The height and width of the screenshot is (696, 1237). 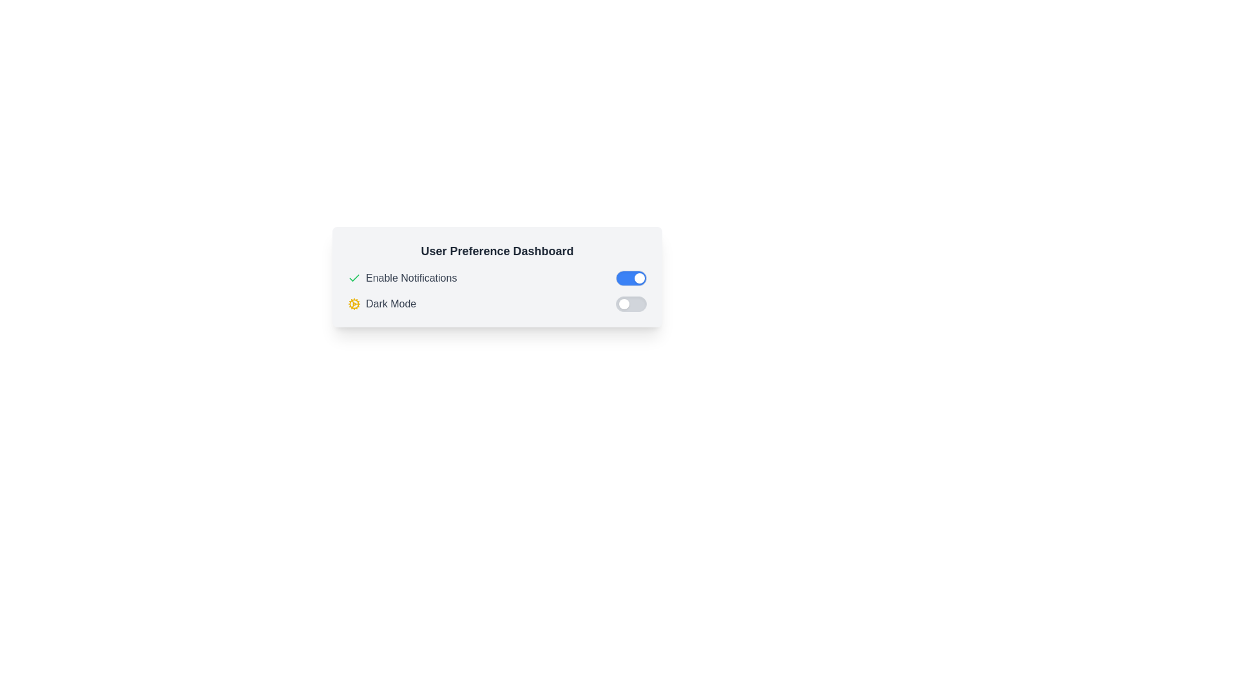 I want to click on the green checkmark icon with a minimalist outline located to the left of the 'Enable Notifications' text, so click(x=354, y=278).